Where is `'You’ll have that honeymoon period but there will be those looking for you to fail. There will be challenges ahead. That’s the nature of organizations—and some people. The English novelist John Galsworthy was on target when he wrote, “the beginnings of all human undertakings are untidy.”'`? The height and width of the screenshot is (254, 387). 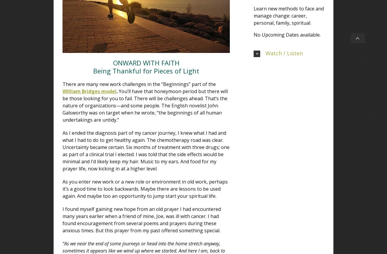
'You’ll have that honeymoon period but there will be those looking for you to fail. There will be challenges ahead. That’s the nature of organizations—and some people. The English novelist John Galsworthy was on target when he wrote, “the beginnings of all human undertakings are untidy.”' is located at coordinates (145, 106).